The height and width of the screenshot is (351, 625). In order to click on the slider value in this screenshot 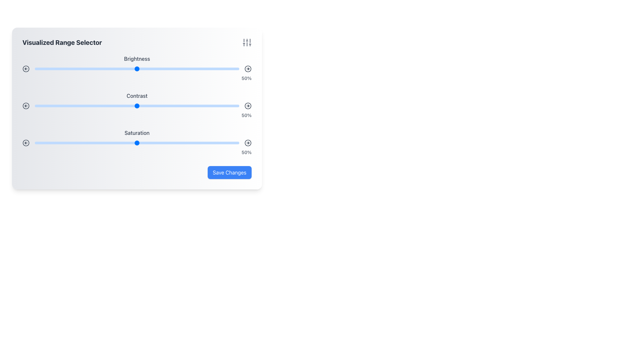, I will do `click(141, 142)`.